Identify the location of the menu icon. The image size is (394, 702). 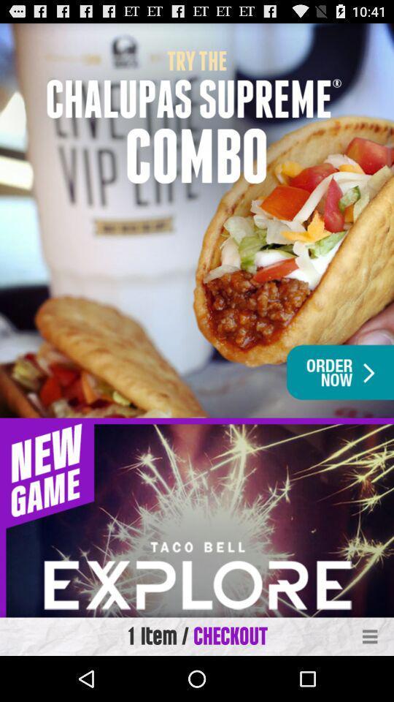
(370, 681).